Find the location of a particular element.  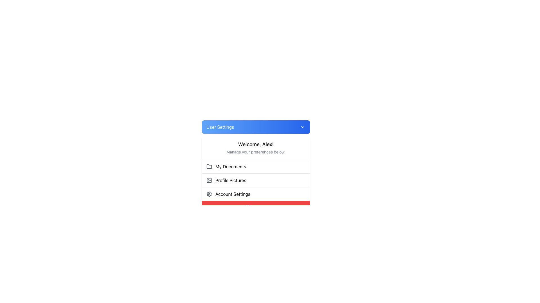

the 'My Documents' label located in the navigation menu beneath the 'Welcome, Alex!' header is located at coordinates (231, 166).